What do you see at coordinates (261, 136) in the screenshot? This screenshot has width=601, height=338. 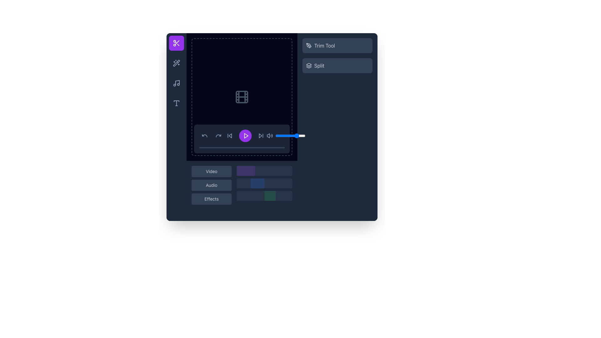 I see `the fast-forward button` at bounding box center [261, 136].